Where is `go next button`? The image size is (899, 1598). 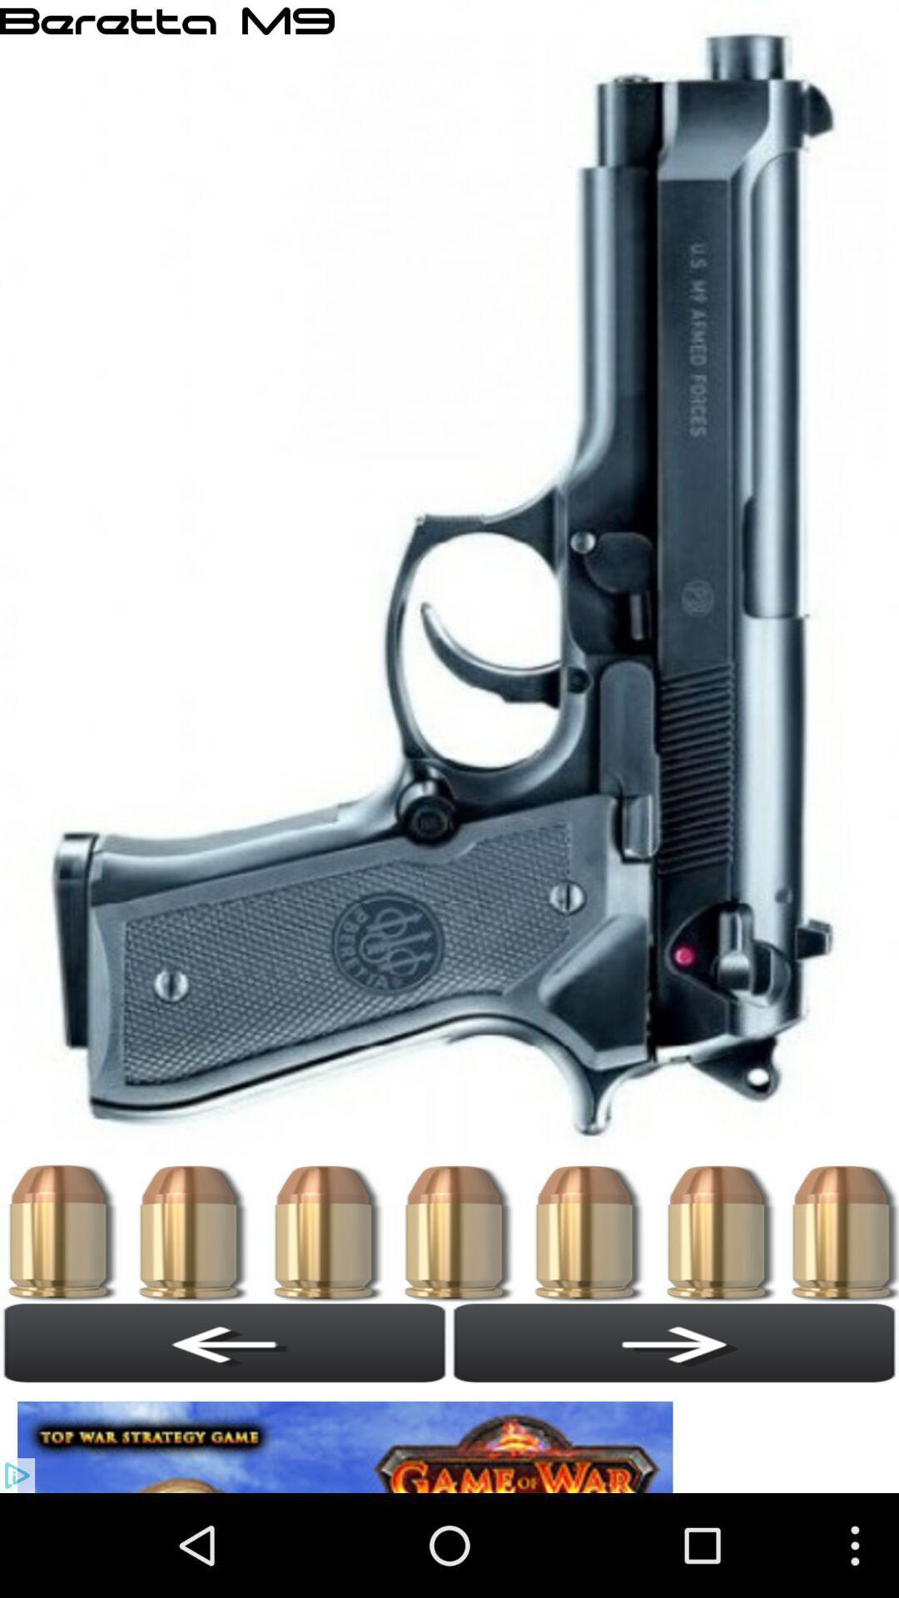
go next button is located at coordinates (674, 1342).